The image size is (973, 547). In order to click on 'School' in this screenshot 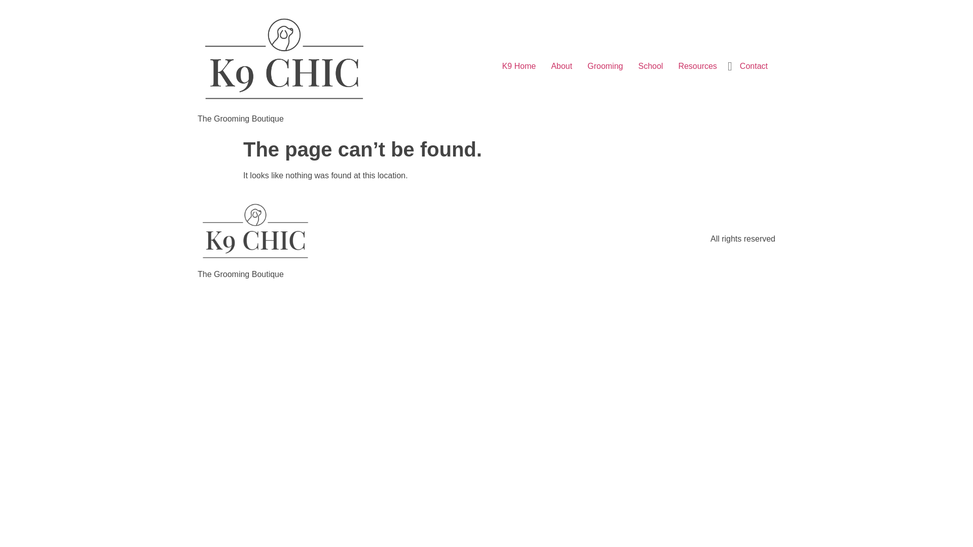, I will do `click(650, 66)`.